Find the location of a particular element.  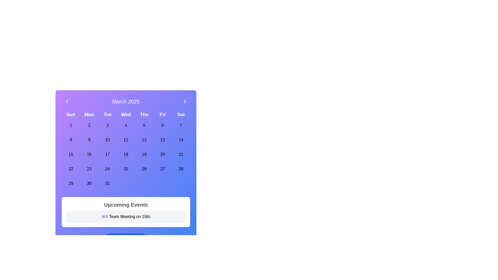

the rounded button labeled '13' in the calendar grid, located under 'Fri' is located at coordinates (162, 140).